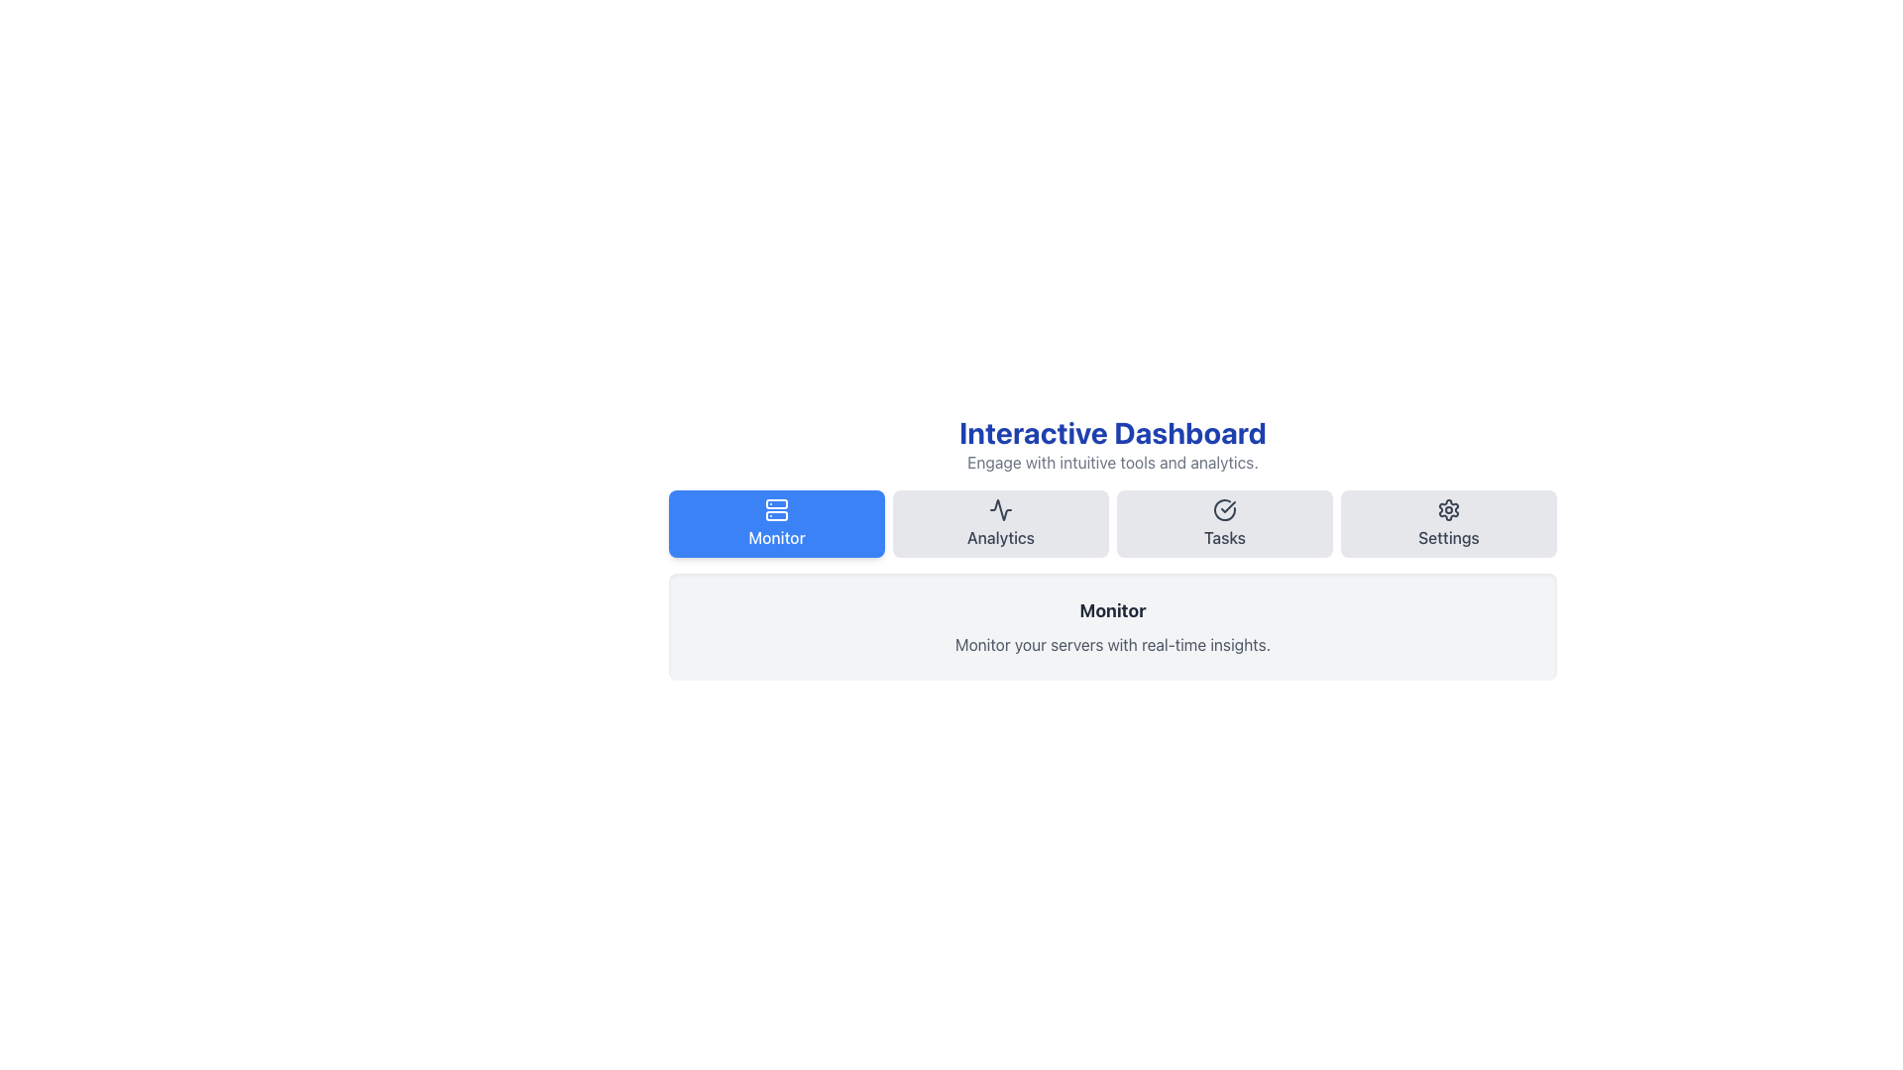  Describe the element at coordinates (775, 509) in the screenshot. I see `the 'Monitor' icon in the navigation bar` at that location.